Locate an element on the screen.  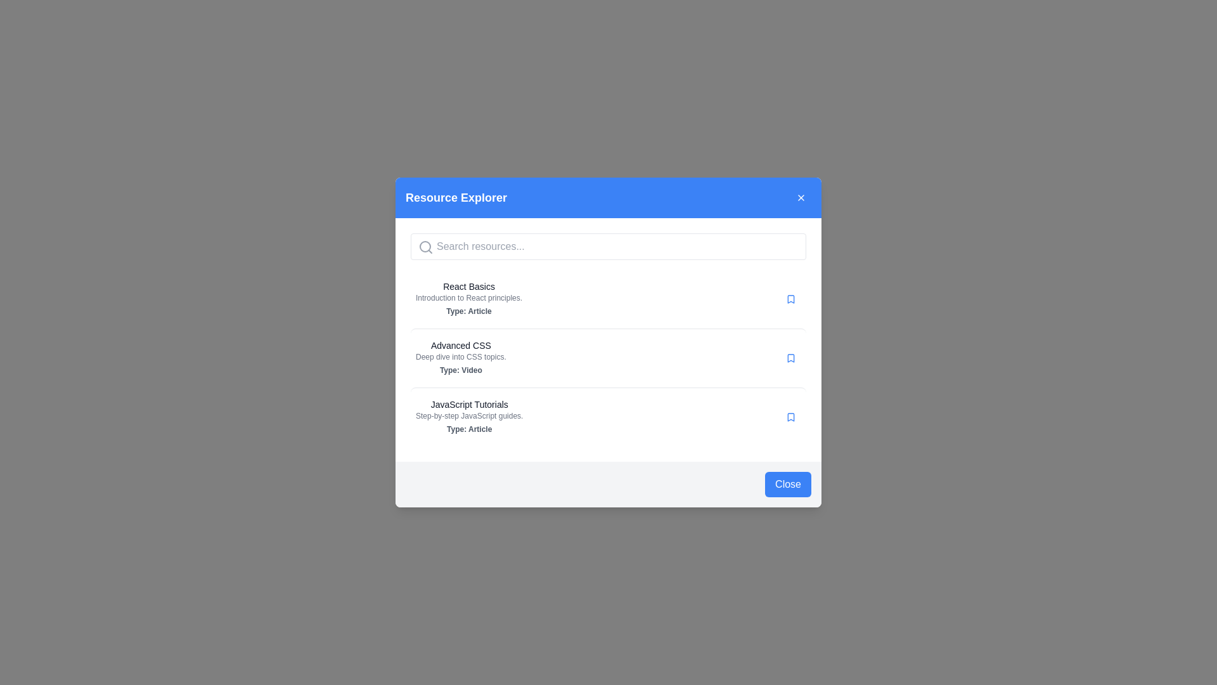
text label that displays 'Type: Article', located under the description block of the 'JavaScript Tutorials' resource group is located at coordinates (468, 429).